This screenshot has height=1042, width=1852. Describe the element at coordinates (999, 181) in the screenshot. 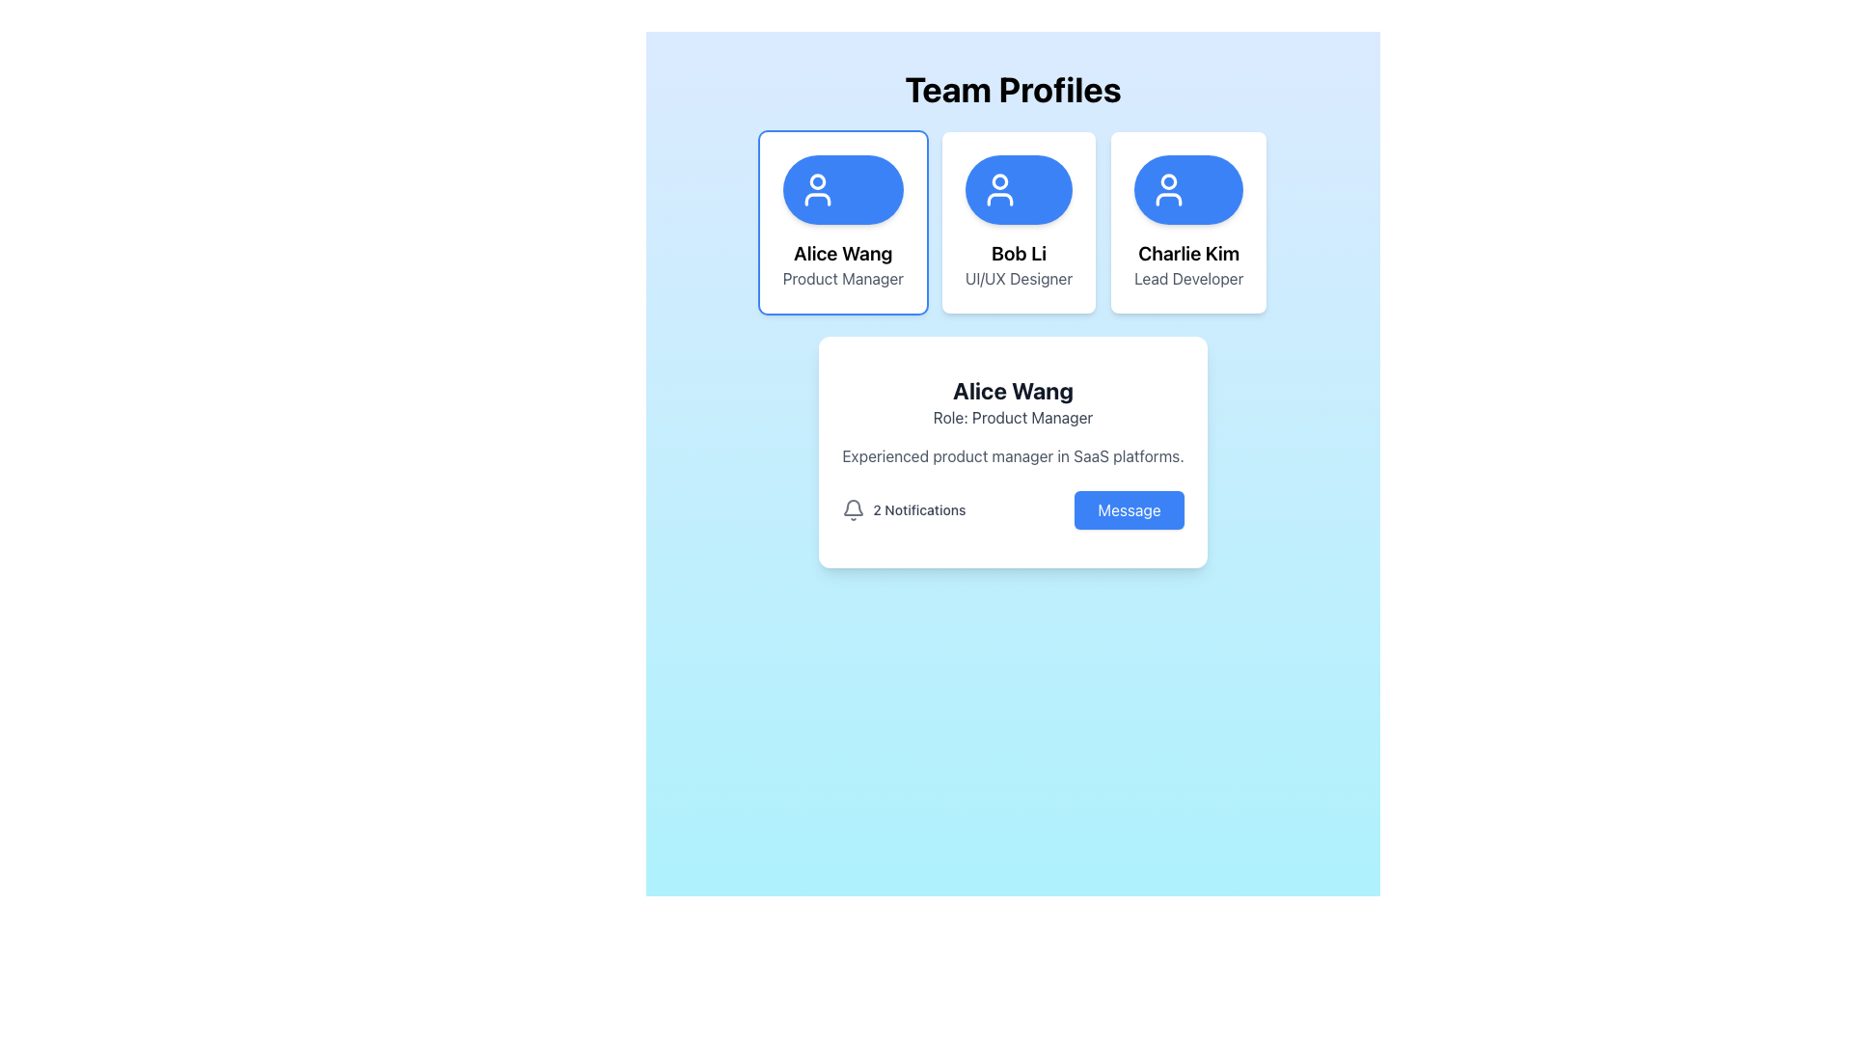

I see `the SVG Circle Element representing Bob Li's user profile icon, which is centered within the avatar in the Team Profiles section` at that location.